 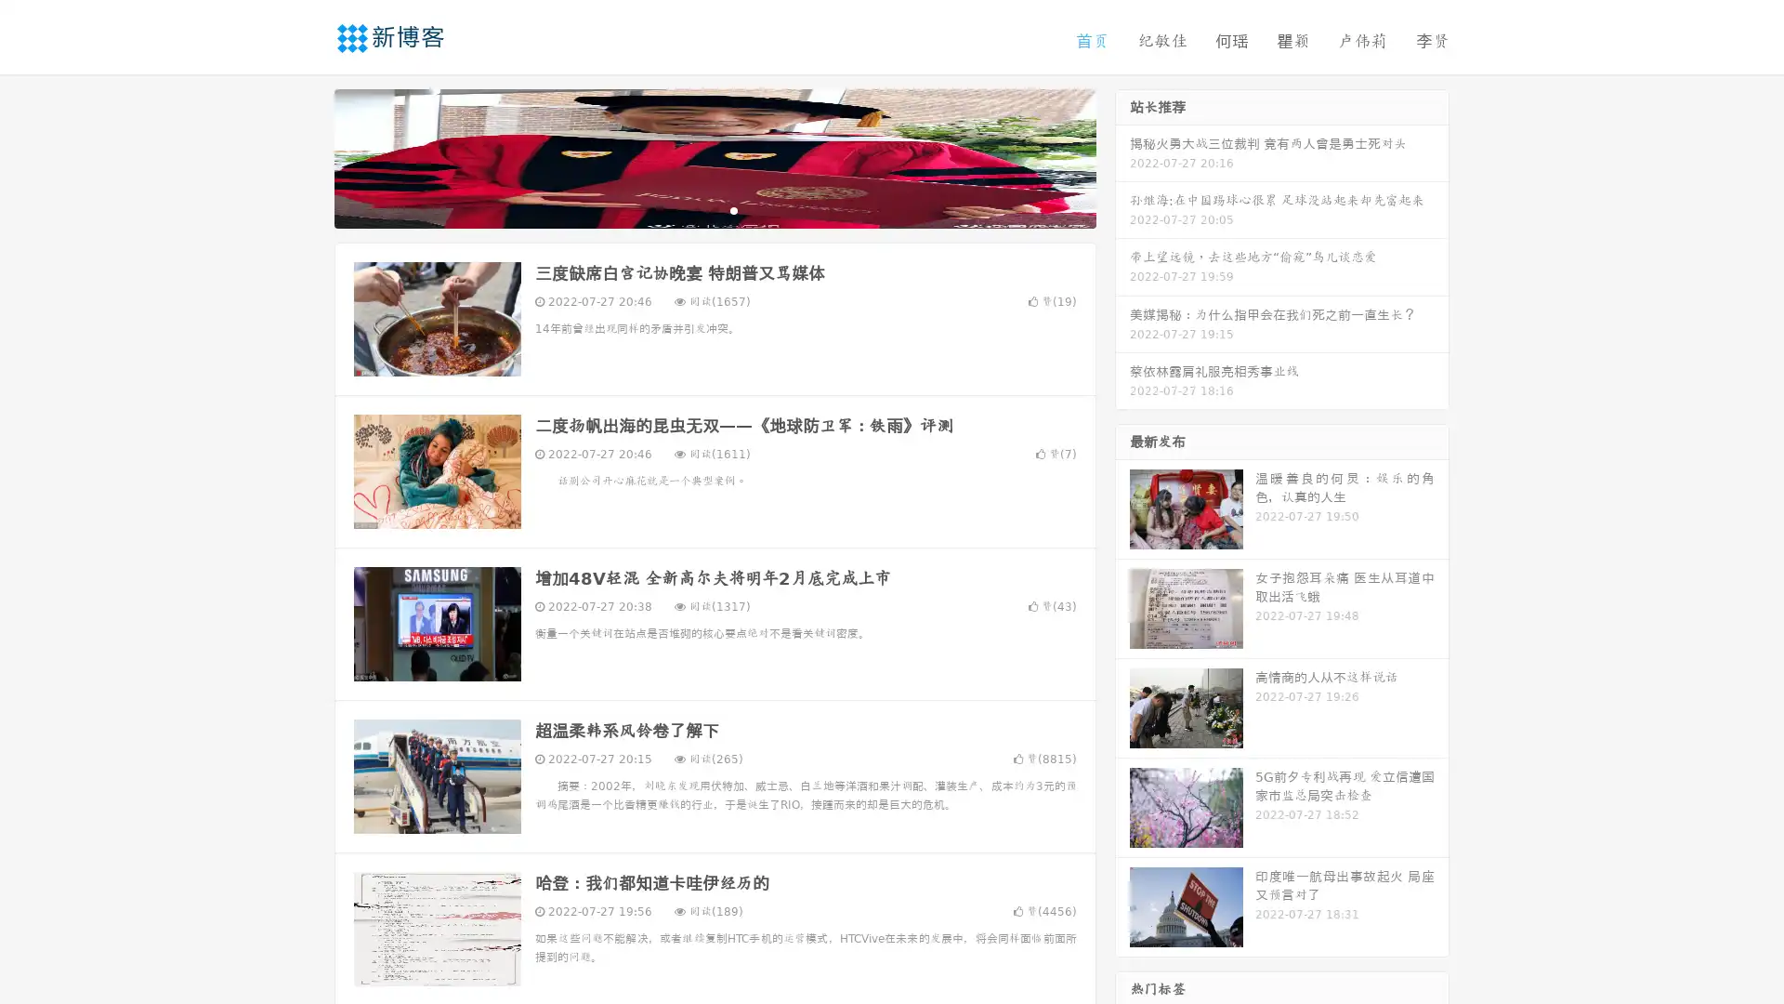 What do you see at coordinates (1122, 156) in the screenshot?
I see `Next slide` at bounding box center [1122, 156].